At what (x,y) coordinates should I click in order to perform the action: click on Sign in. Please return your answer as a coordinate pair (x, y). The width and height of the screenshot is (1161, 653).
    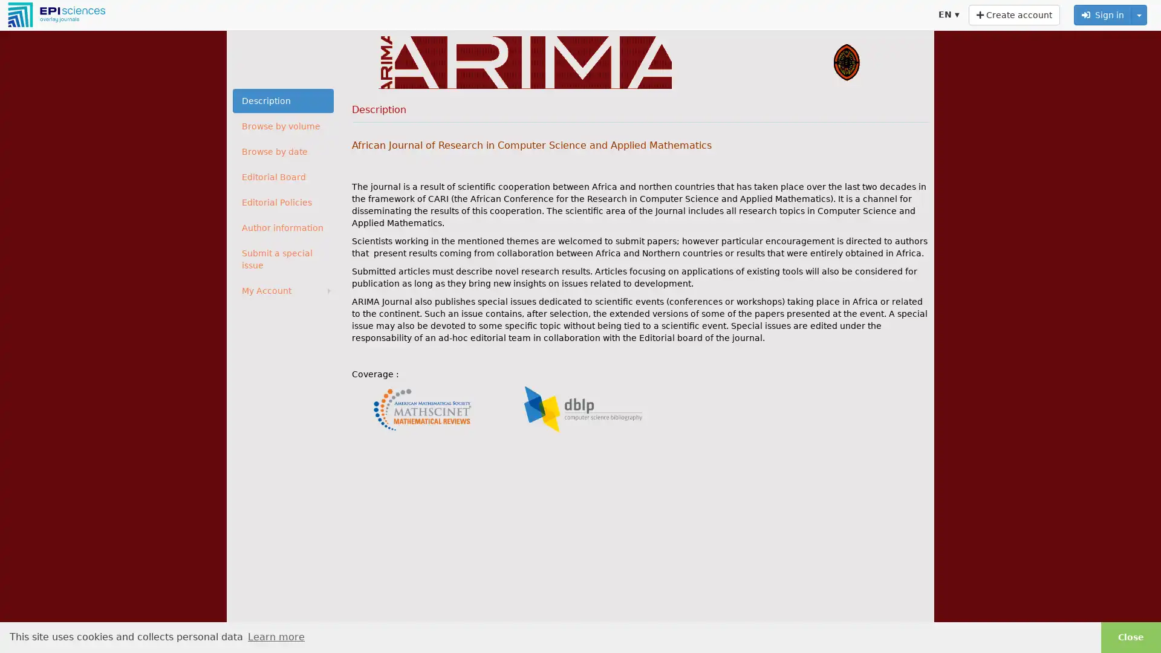
    Looking at the image, I should click on (1103, 15).